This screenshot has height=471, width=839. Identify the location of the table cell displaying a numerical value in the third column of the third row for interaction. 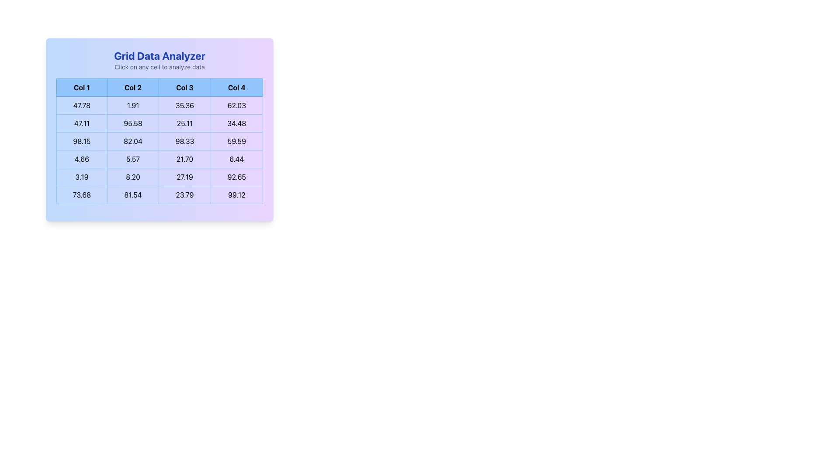
(184, 159).